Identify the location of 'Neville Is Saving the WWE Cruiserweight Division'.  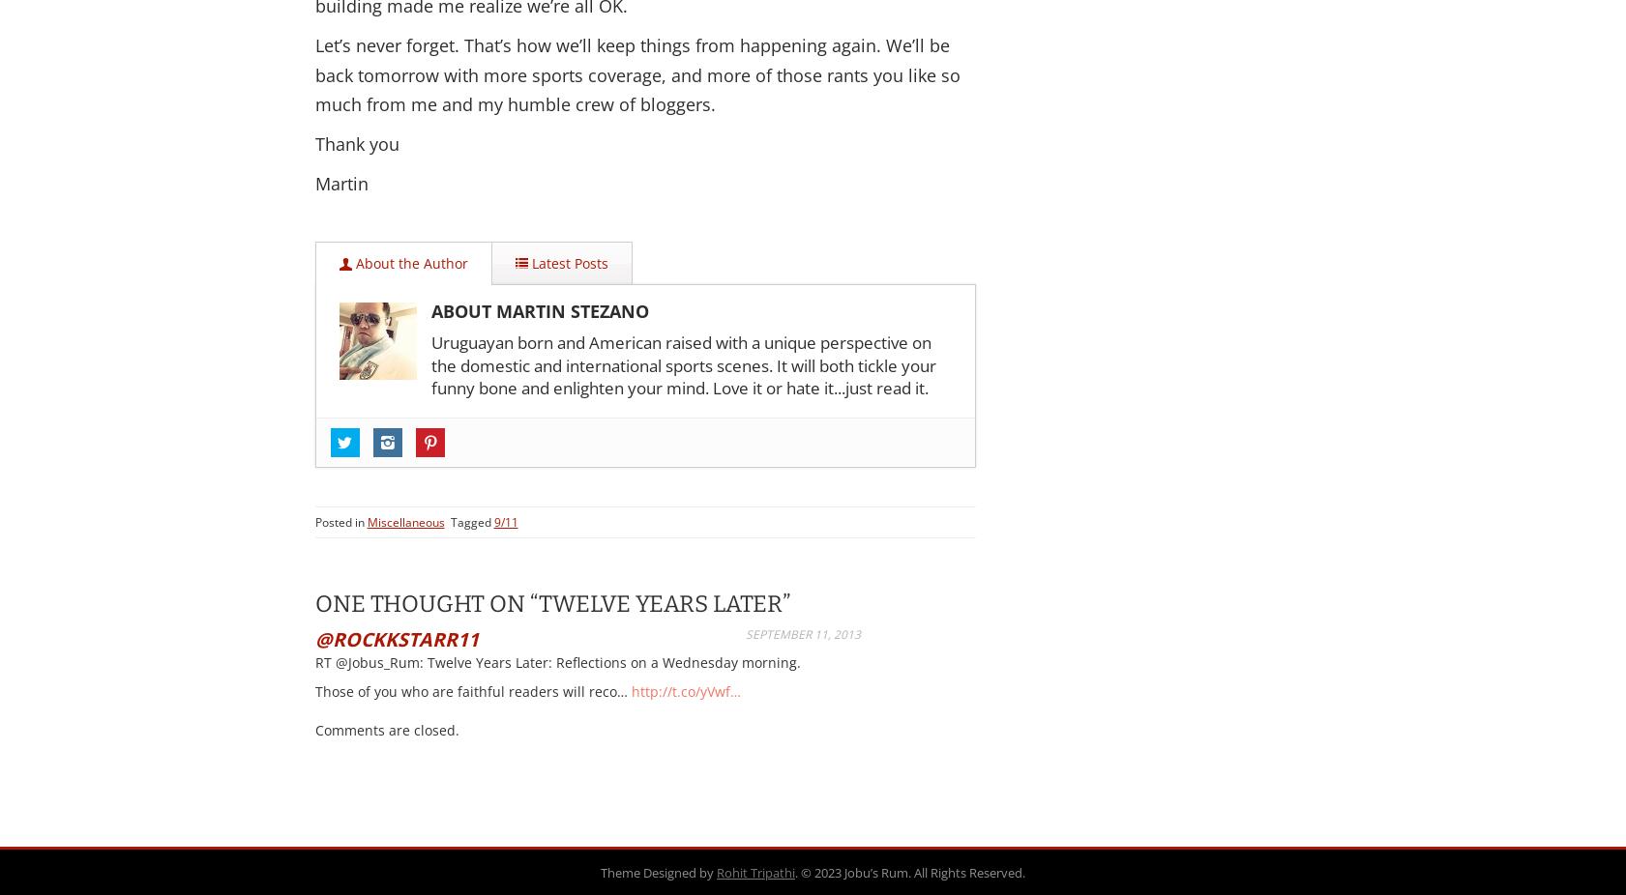
(364, 672).